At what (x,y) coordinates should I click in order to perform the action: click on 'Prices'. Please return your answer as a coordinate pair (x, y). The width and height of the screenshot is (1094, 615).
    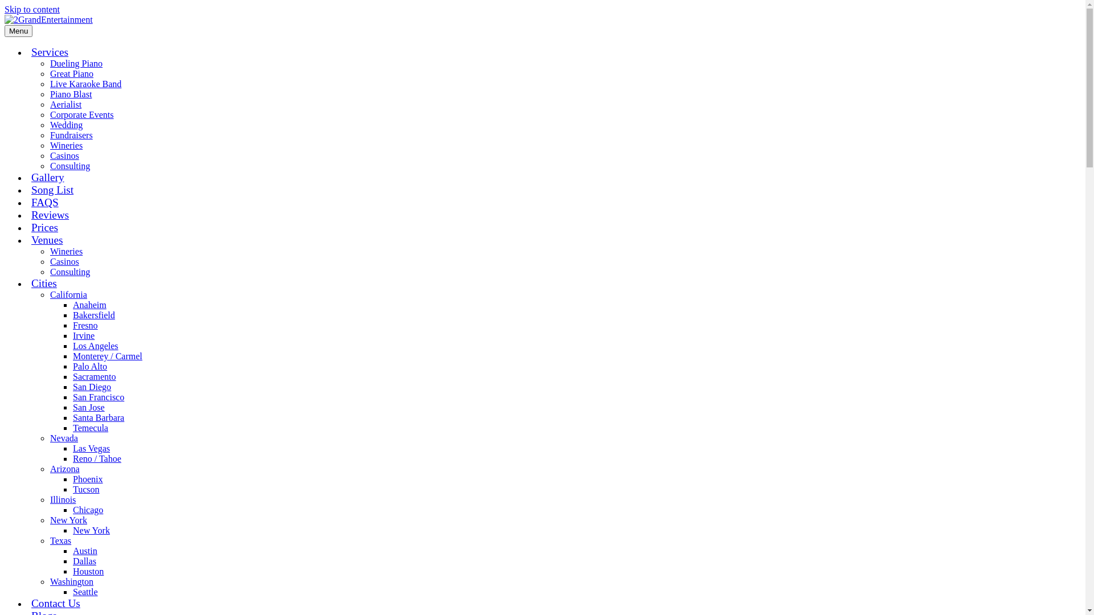
    Looking at the image, I should click on (44, 227).